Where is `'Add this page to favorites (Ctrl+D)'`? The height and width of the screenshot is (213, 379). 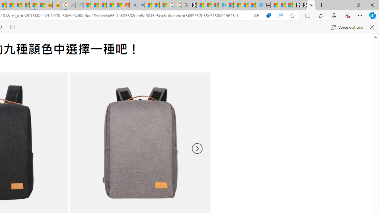 'Add this page to favorites (Ctrl+D)' is located at coordinates (292, 15).